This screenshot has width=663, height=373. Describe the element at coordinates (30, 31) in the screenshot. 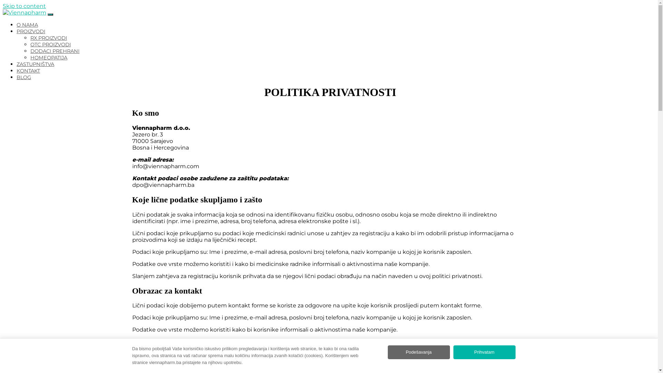

I see `'PROIZVODI'` at that location.